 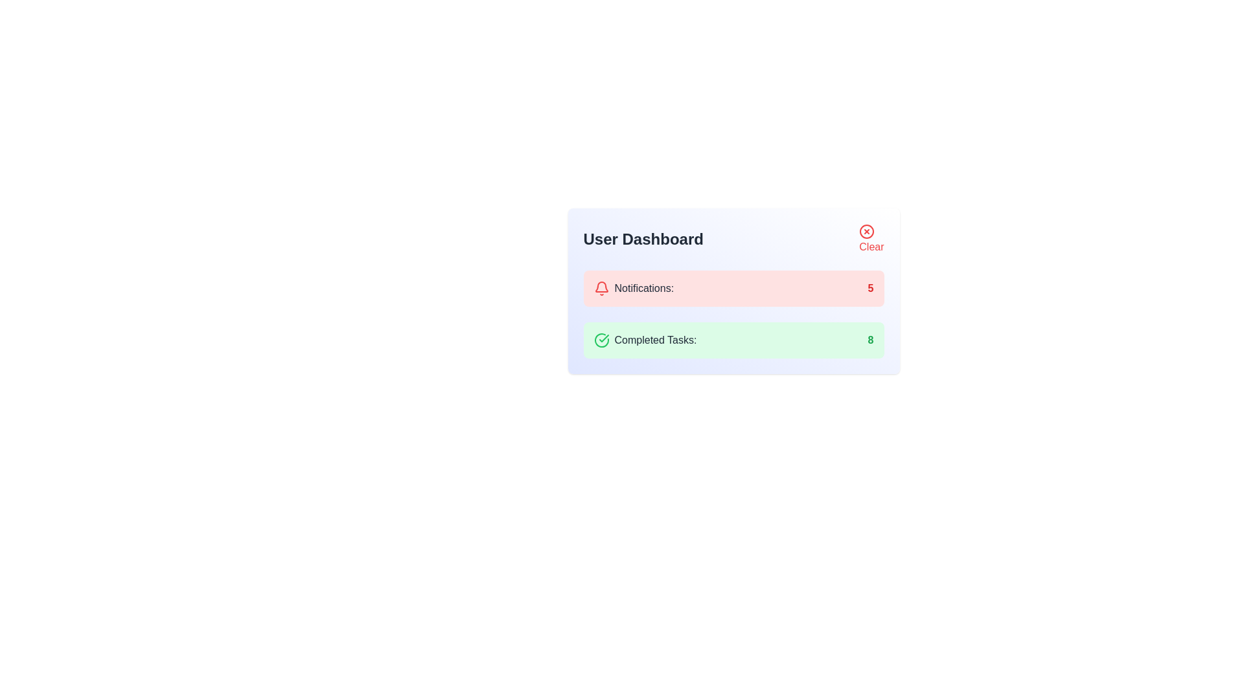 I want to click on the bold green number '8' that is positioned at the right edge of the 'Completed Tasks:' section, emphasizing the completed tasks information, so click(x=871, y=339).